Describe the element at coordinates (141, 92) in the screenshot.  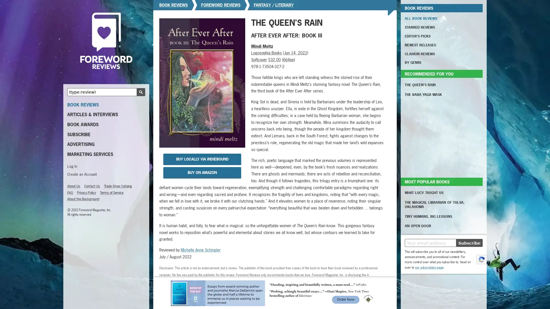
I see `Search` at that location.